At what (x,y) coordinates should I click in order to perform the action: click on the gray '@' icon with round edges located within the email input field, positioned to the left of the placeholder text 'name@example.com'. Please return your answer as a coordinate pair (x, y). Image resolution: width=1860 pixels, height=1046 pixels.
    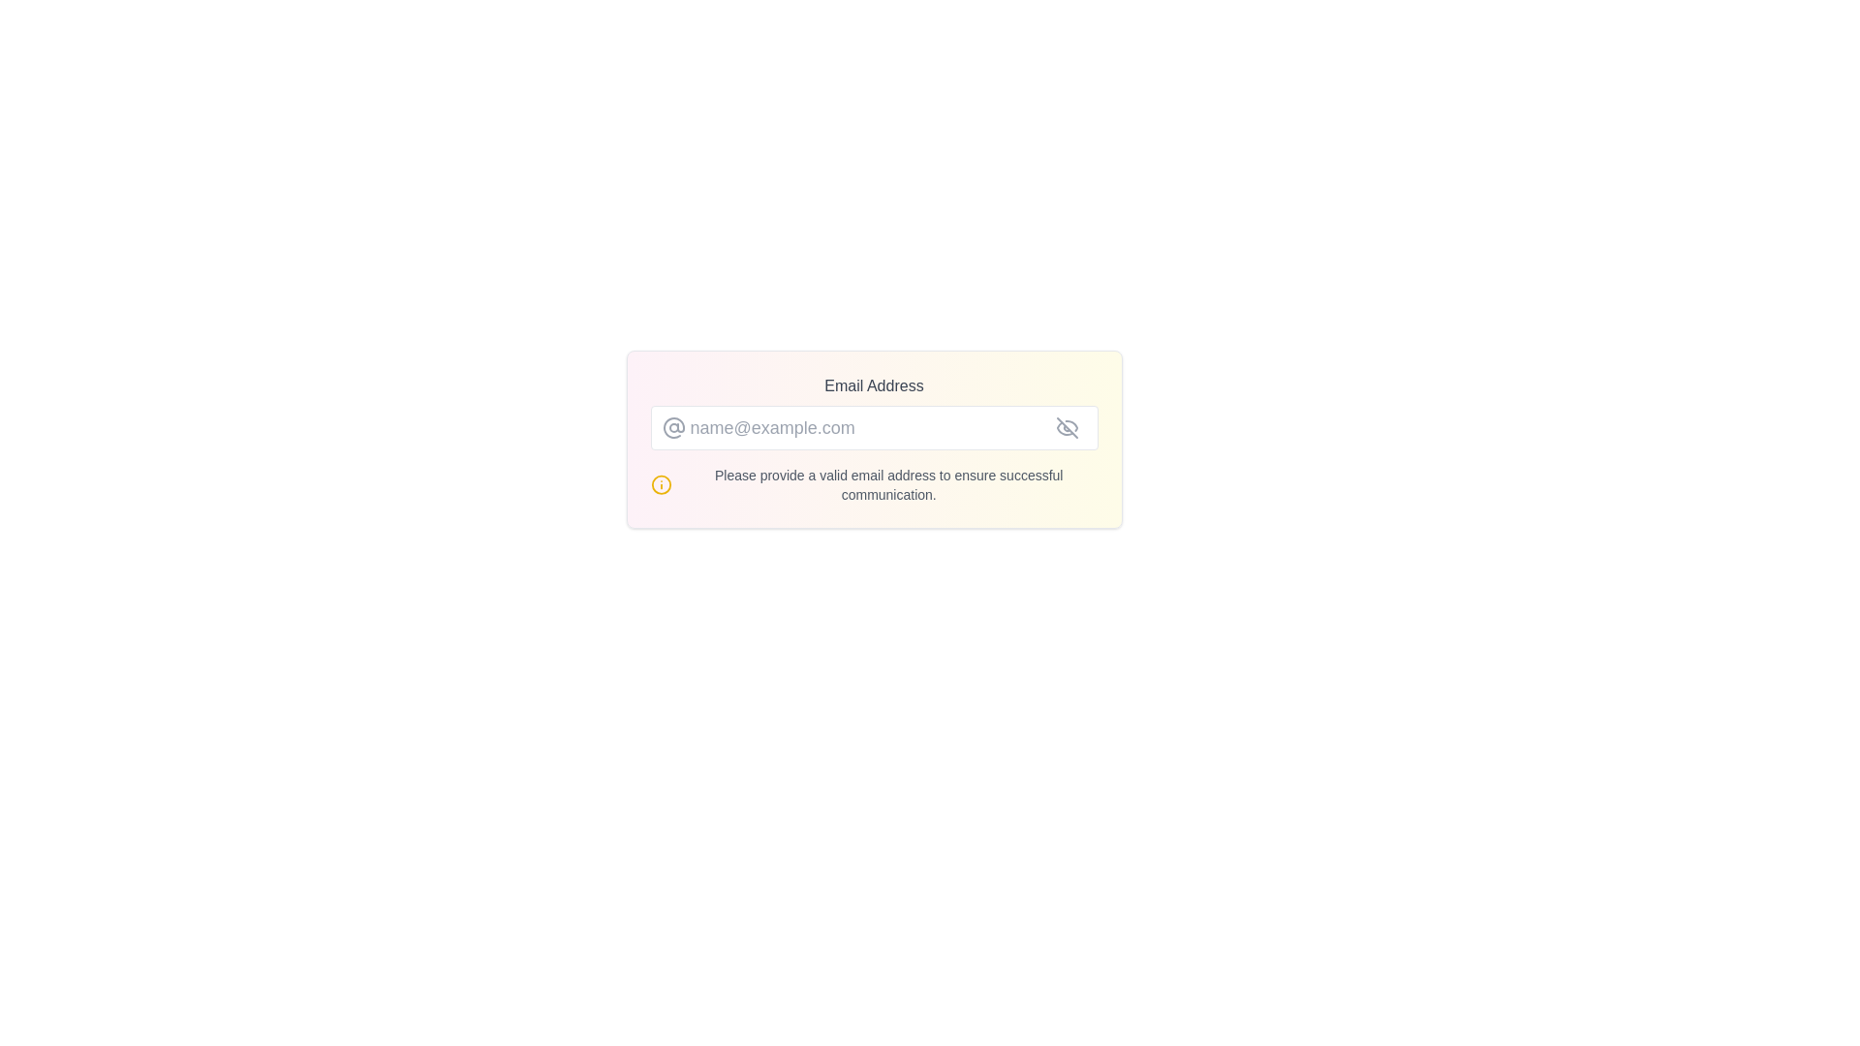
    Looking at the image, I should click on (673, 427).